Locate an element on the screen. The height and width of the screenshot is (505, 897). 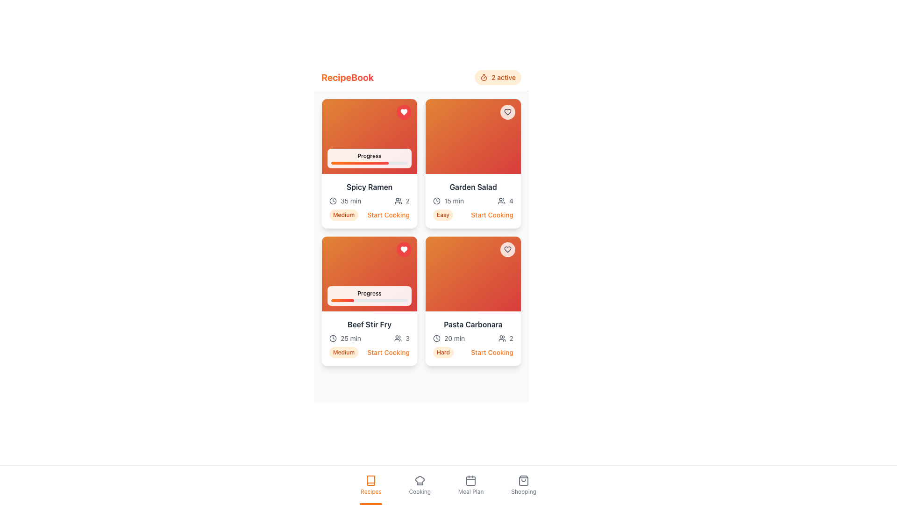
the static text indicating the count associated with the 'Spicy Ramen' recipe, positioned to the right of the user icon is located at coordinates (407, 200).